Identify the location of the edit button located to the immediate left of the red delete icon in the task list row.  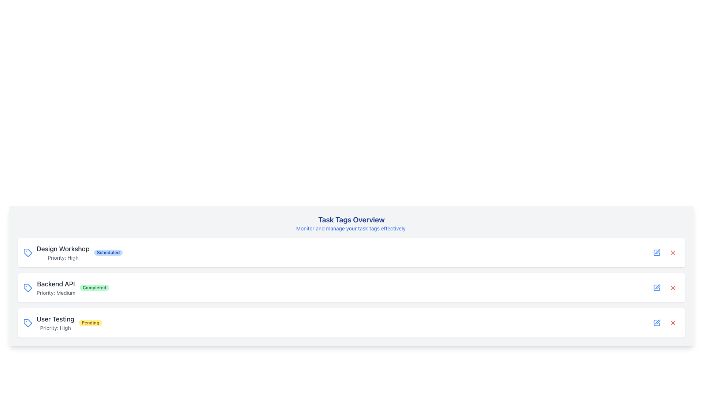
(657, 287).